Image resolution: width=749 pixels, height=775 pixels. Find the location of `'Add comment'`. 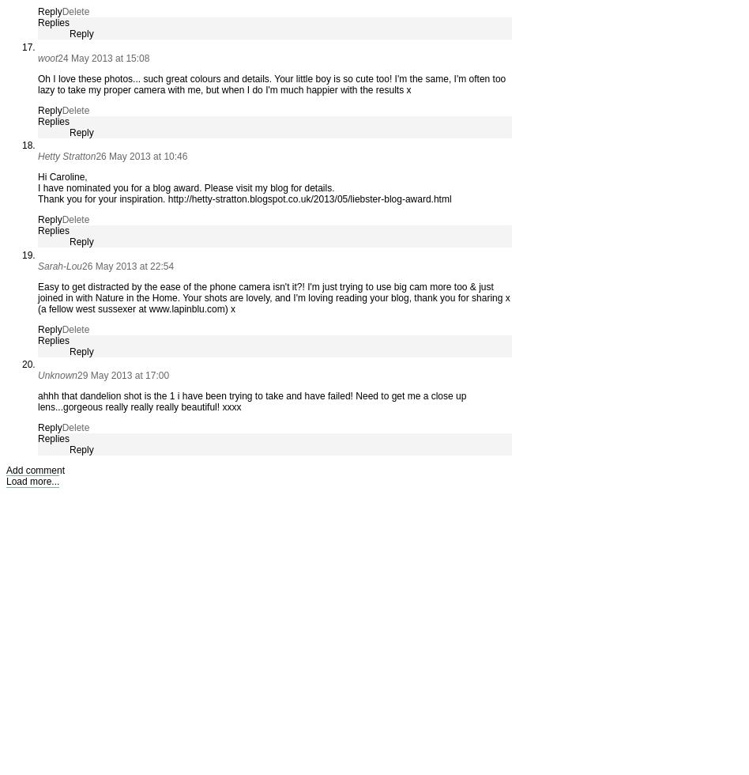

'Add comment' is located at coordinates (36, 469).